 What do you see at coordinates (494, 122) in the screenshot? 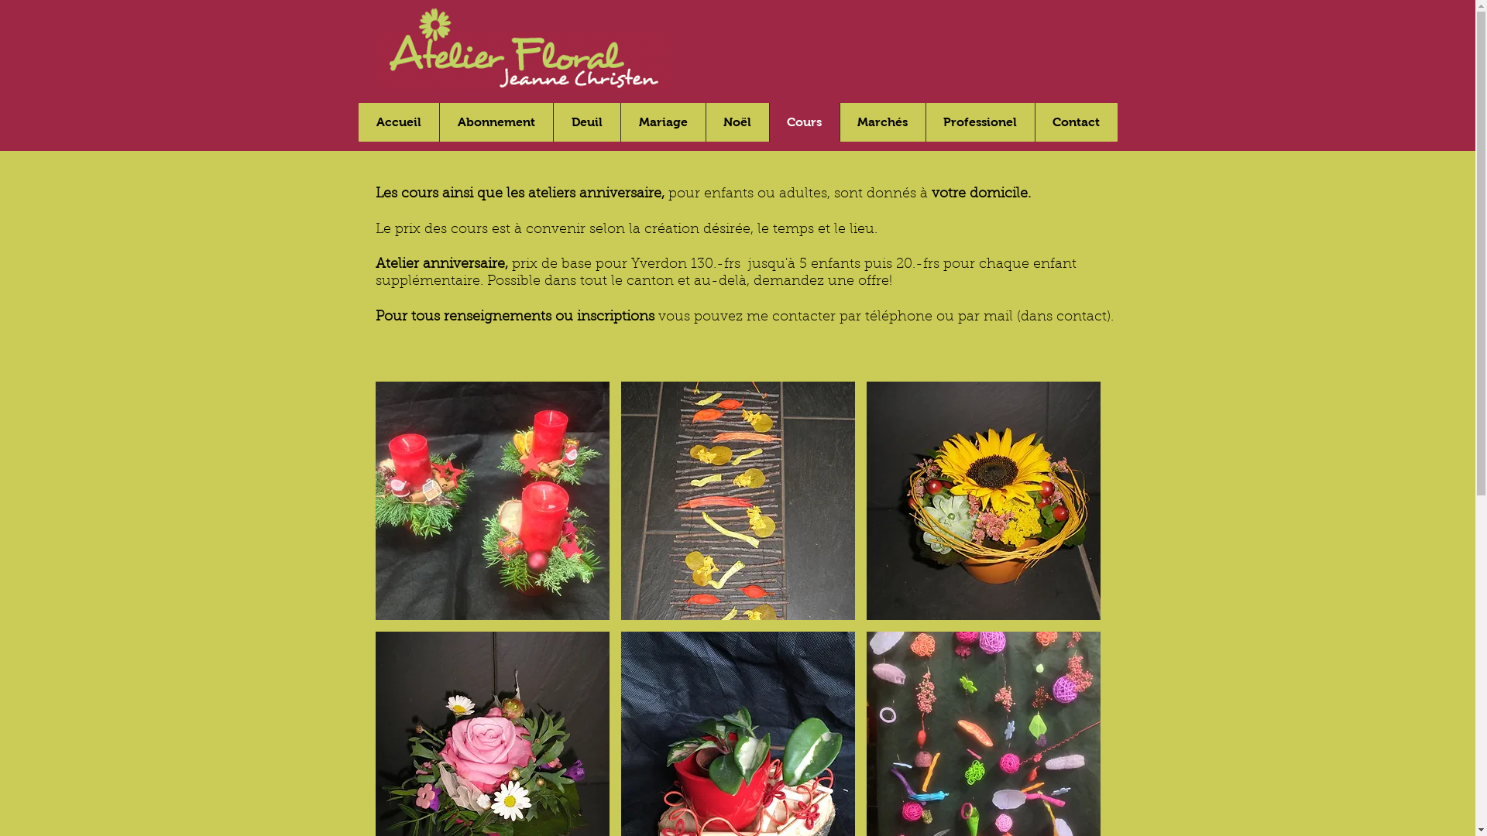
I see `'Abonnement'` at bounding box center [494, 122].